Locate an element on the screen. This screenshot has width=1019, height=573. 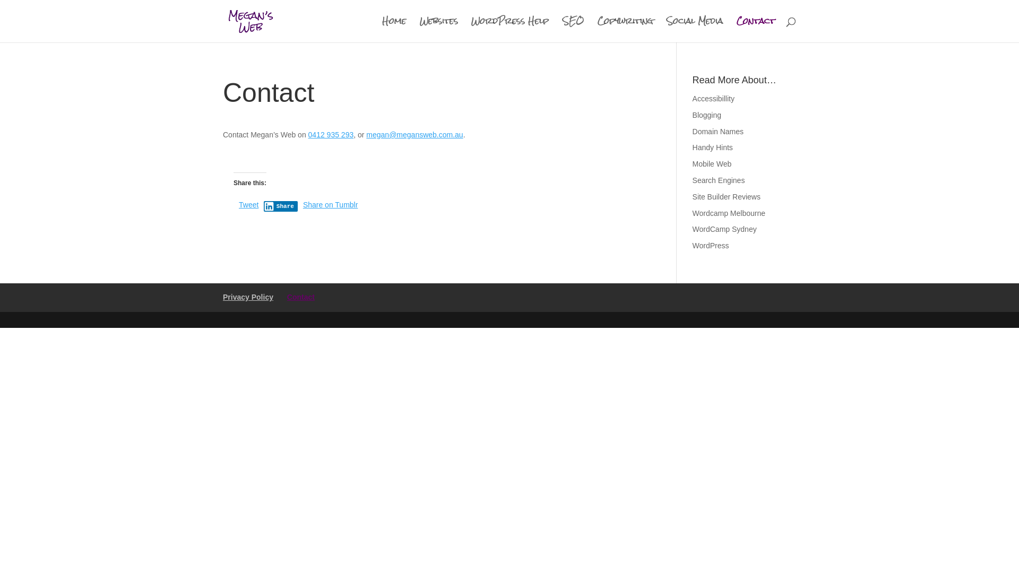
'Privacy Policy' is located at coordinates (247, 297).